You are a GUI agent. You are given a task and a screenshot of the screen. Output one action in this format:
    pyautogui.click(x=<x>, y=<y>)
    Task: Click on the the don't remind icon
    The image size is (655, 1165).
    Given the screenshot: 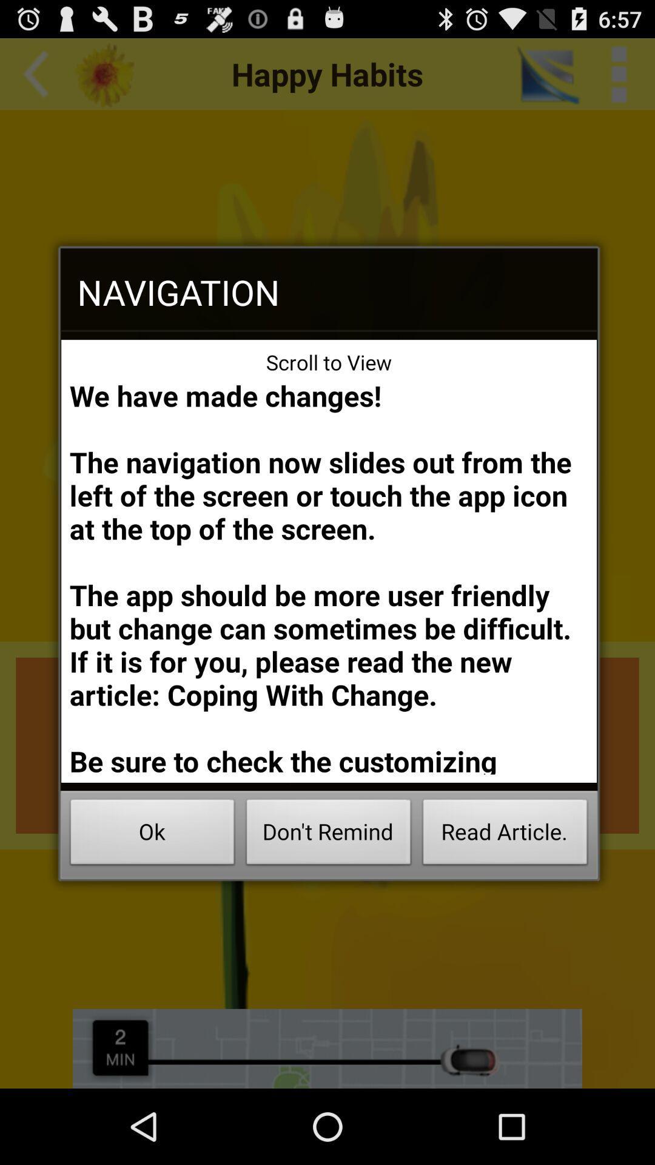 What is the action you would take?
    pyautogui.click(x=329, y=835)
    